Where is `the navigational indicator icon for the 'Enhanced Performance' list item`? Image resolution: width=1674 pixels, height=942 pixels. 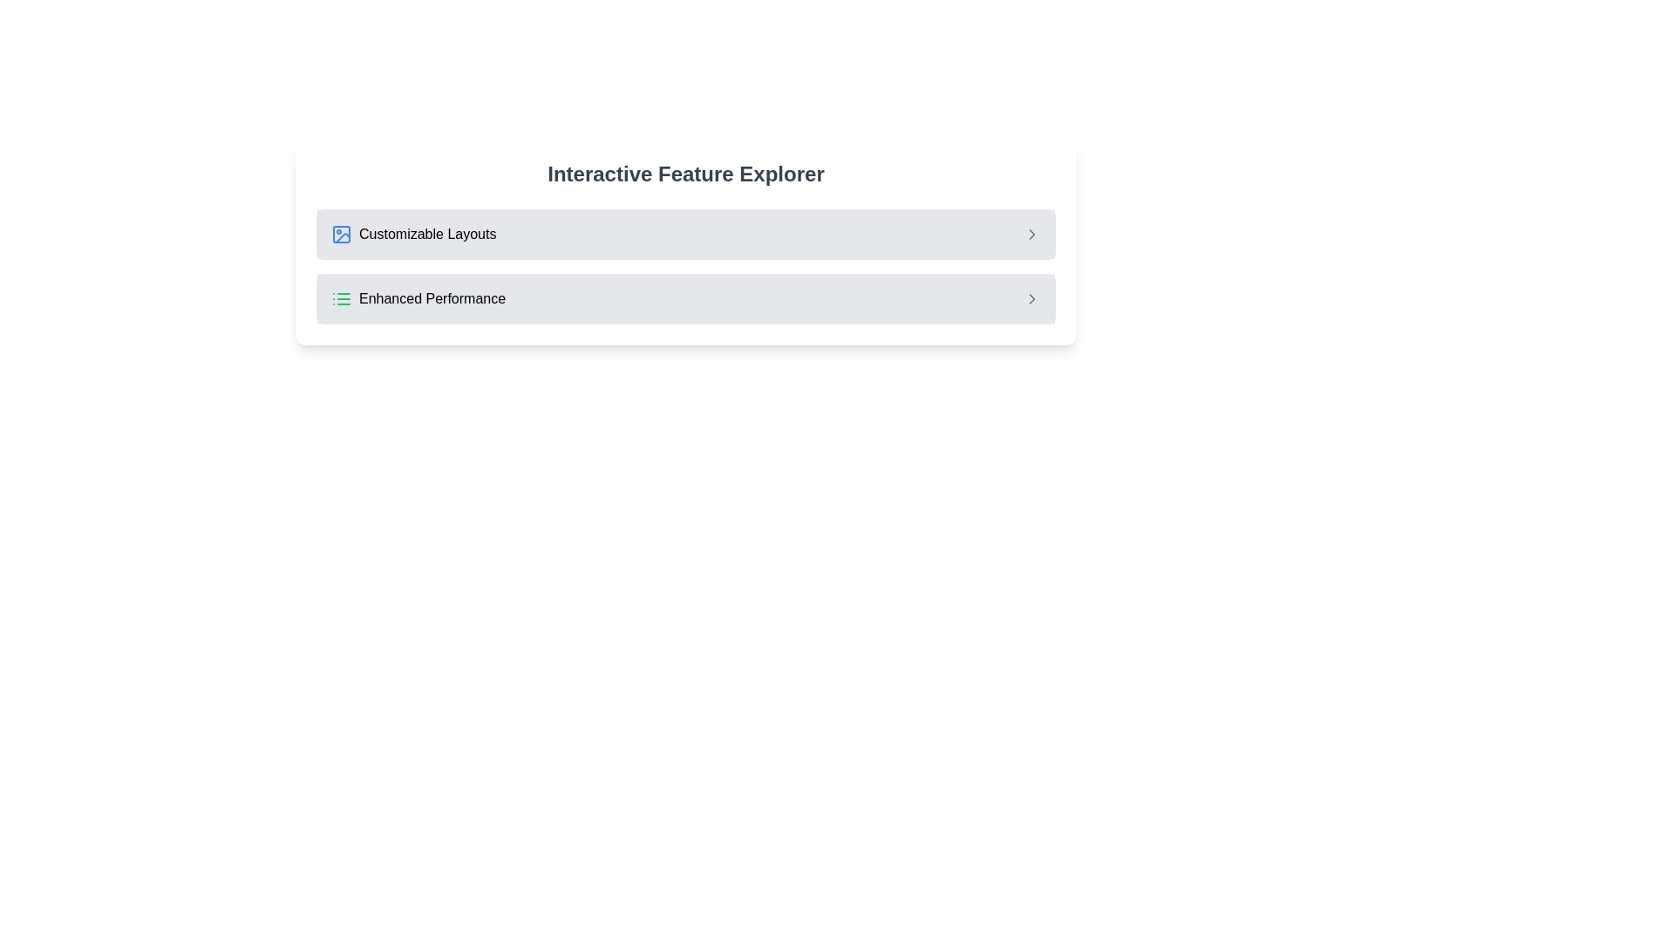 the navigational indicator icon for the 'Enhanced Performance' list item is located at coordinates (1032, 298).